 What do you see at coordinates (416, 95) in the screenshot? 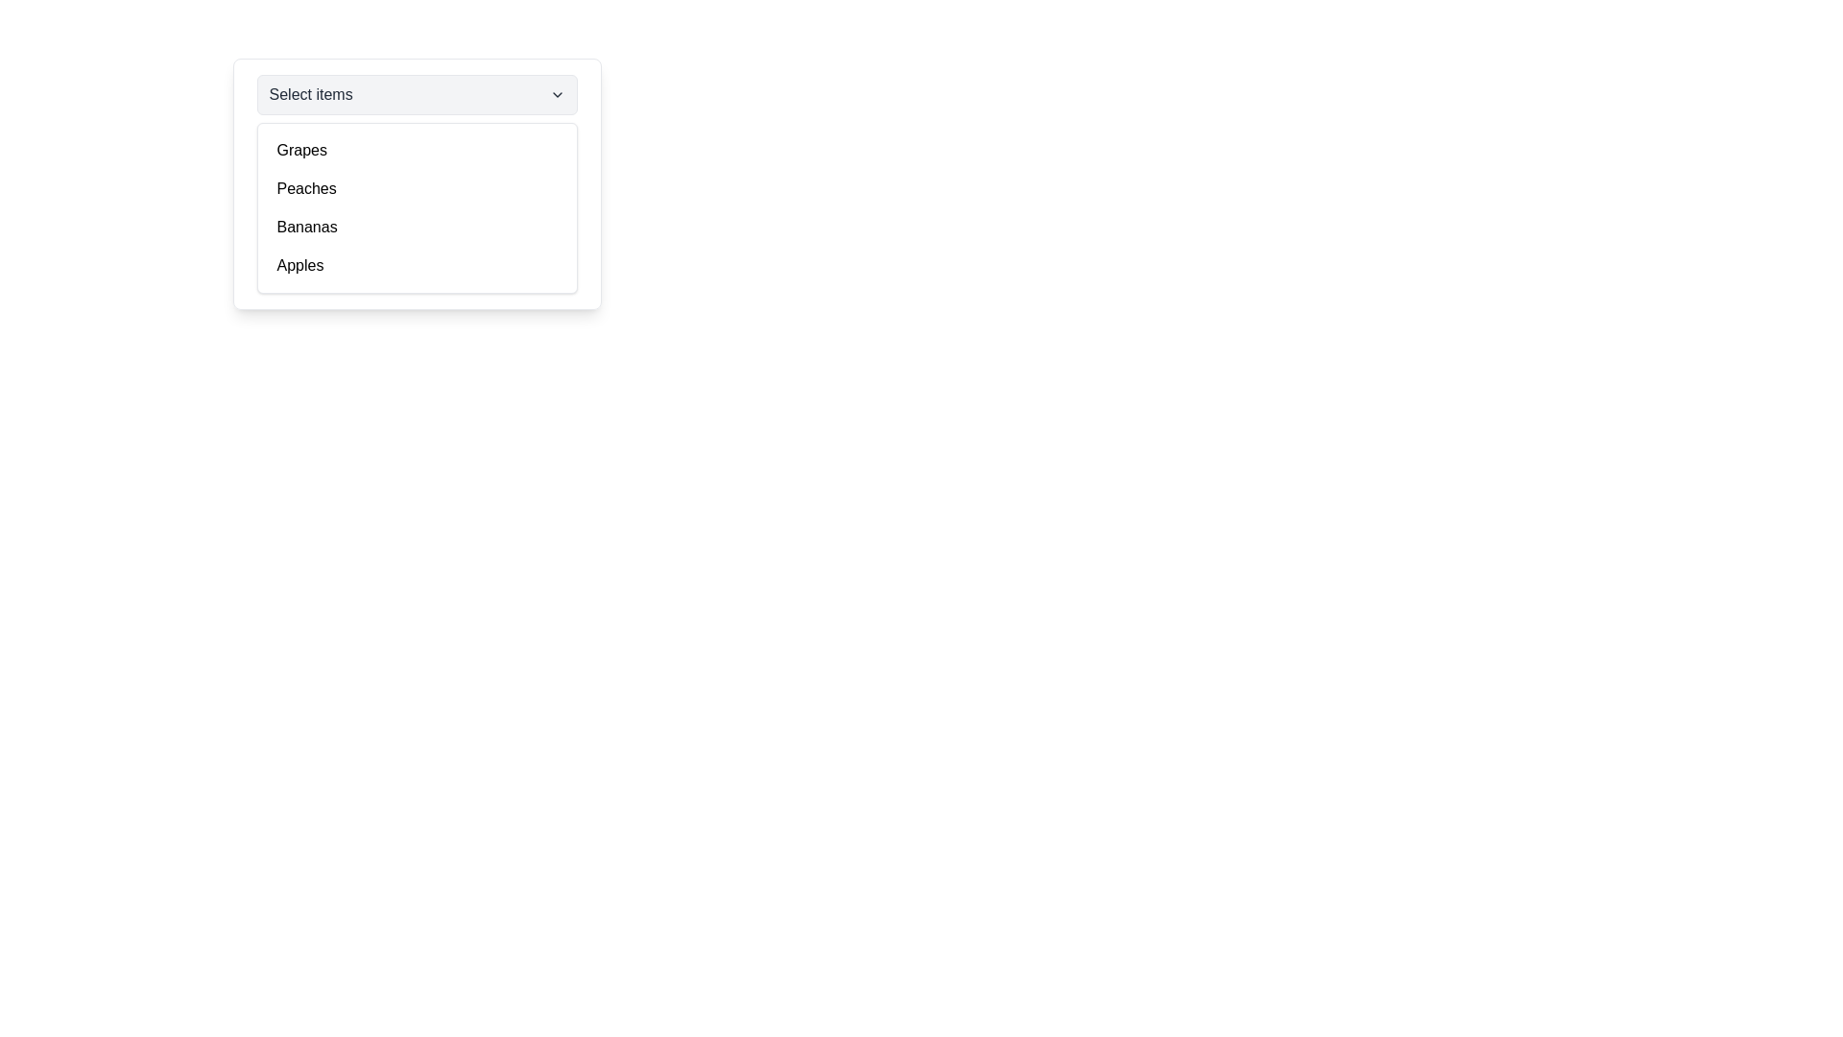
I see `the 'Select items' dropdown trigger button for accessibility navigation` at bounding box center [416, 95].